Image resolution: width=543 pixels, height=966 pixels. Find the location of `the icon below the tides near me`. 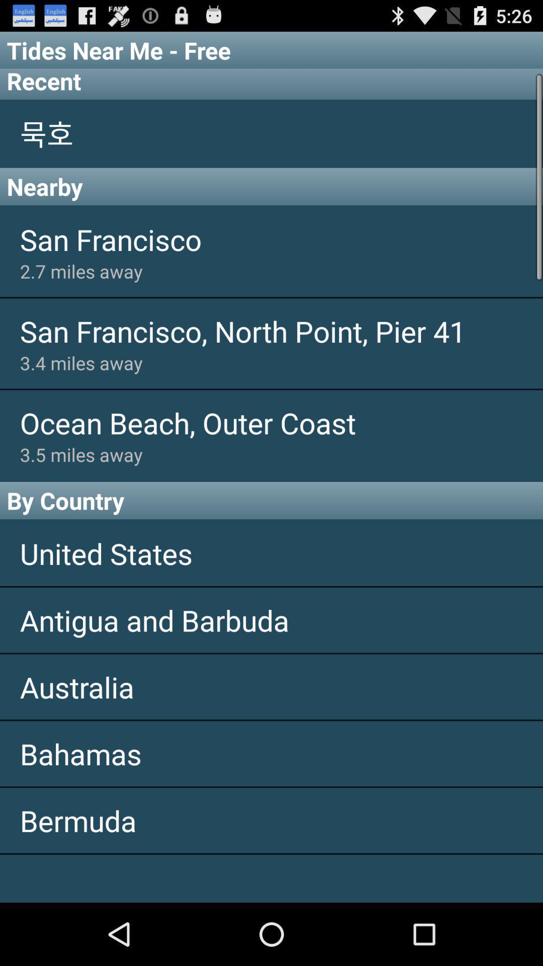

the icon below the tides near me is located at coordinates (271, 84).